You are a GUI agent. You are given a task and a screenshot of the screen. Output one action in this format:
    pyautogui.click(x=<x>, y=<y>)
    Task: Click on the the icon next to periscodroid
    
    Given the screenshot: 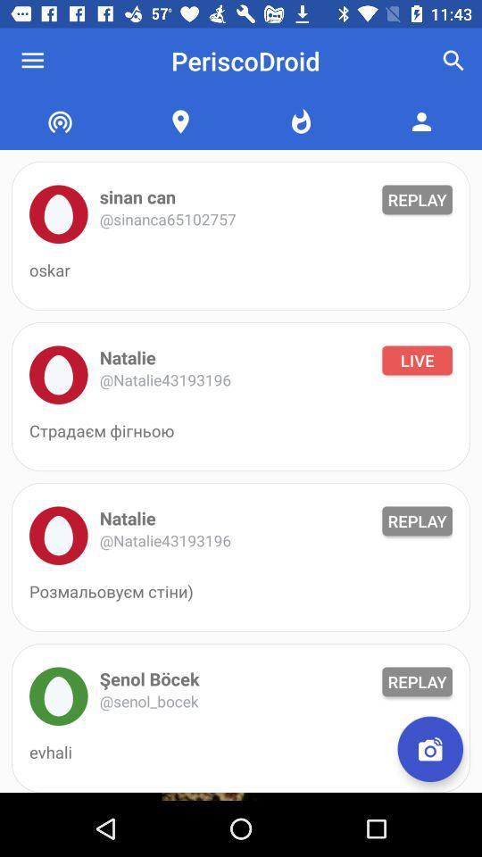 What is the action you would take?
    pyautogui.click(x=453, y=61)
    